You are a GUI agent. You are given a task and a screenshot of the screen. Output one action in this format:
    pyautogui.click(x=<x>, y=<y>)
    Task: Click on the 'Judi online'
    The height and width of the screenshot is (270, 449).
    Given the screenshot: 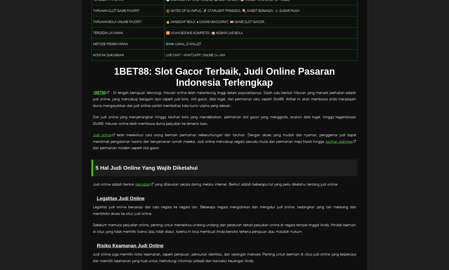 What is the action you would take?
    pyautogui.click(x=93, y=135)
    